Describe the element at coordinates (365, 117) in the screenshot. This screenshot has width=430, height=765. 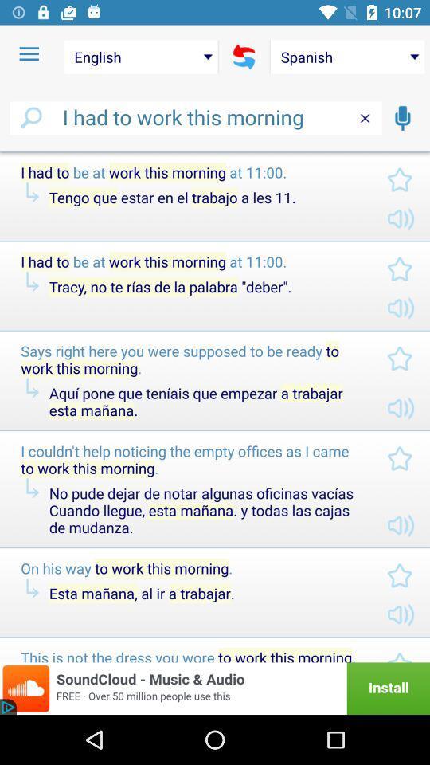
I see `delete option` at that location.